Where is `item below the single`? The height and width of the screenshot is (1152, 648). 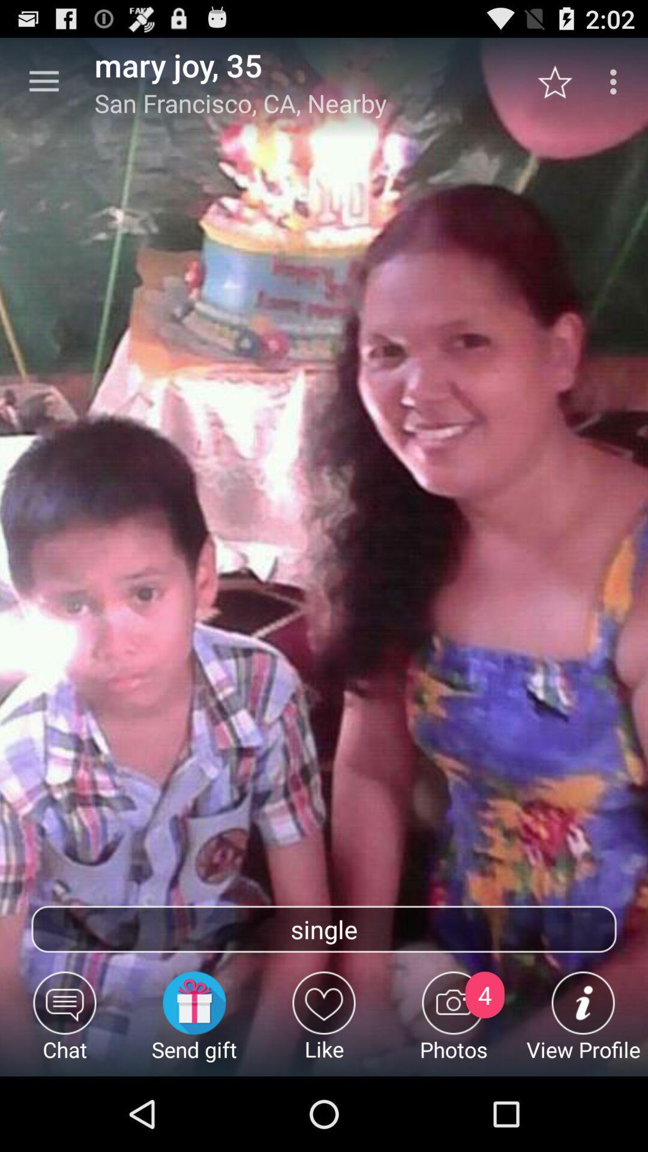
item below the single is located at coordinates (194, 1023).